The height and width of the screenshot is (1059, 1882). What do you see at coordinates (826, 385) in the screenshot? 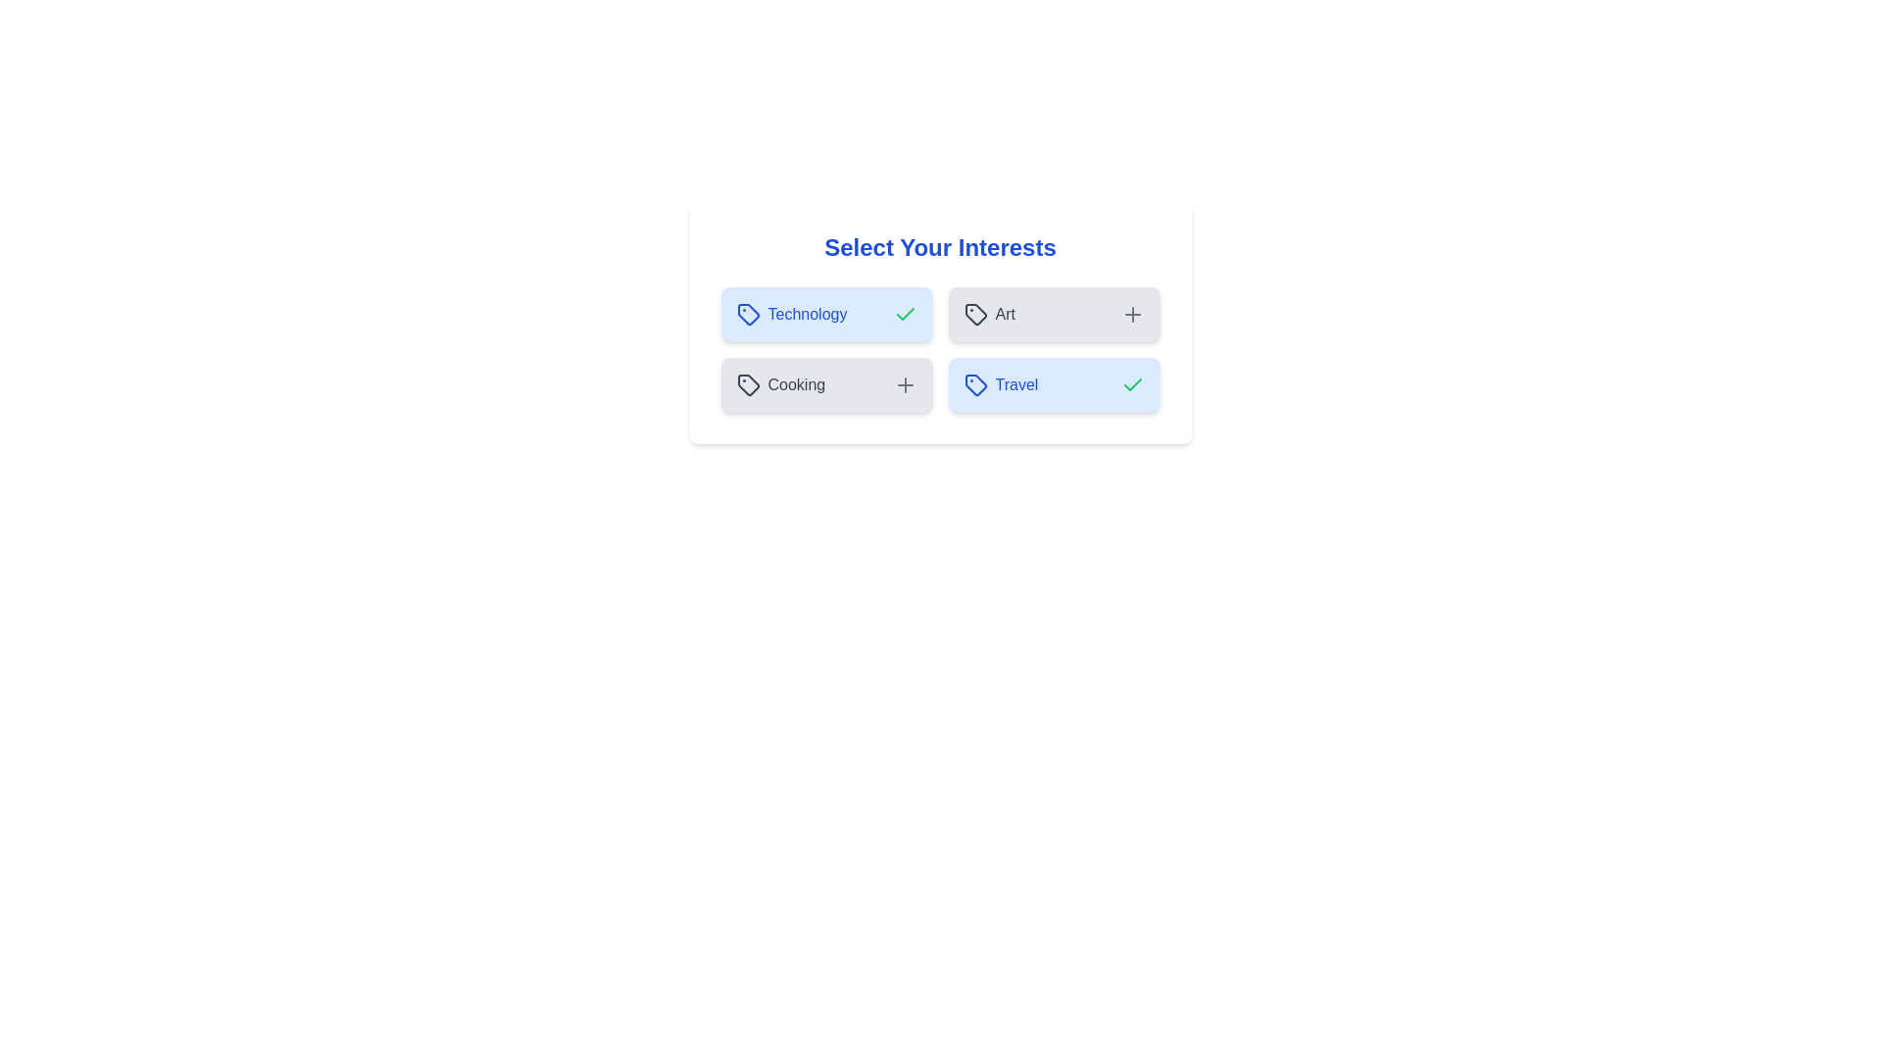
I see `the button labeled Cooking to see the hover effect` at bounding box center [826, 385].